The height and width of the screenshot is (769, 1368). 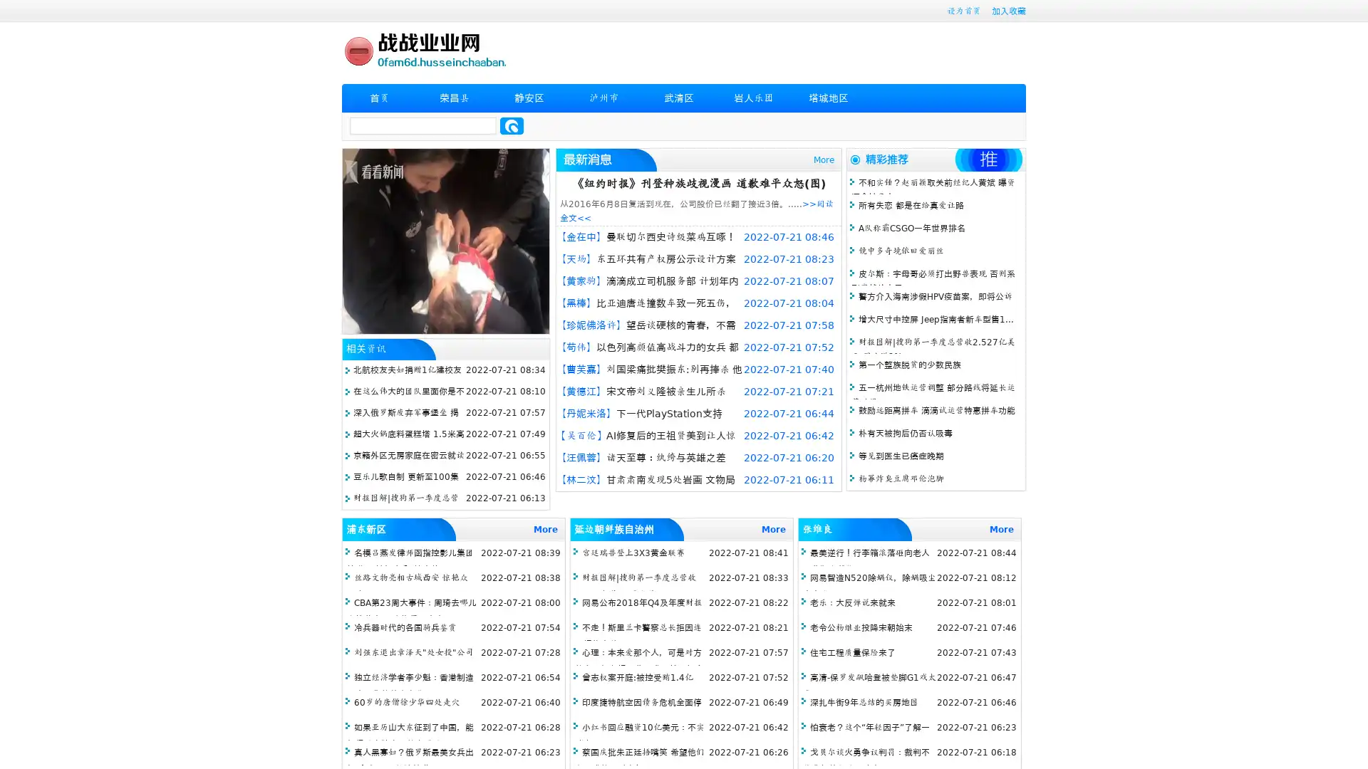 I want to click on Search, so click(x=512, y=125).